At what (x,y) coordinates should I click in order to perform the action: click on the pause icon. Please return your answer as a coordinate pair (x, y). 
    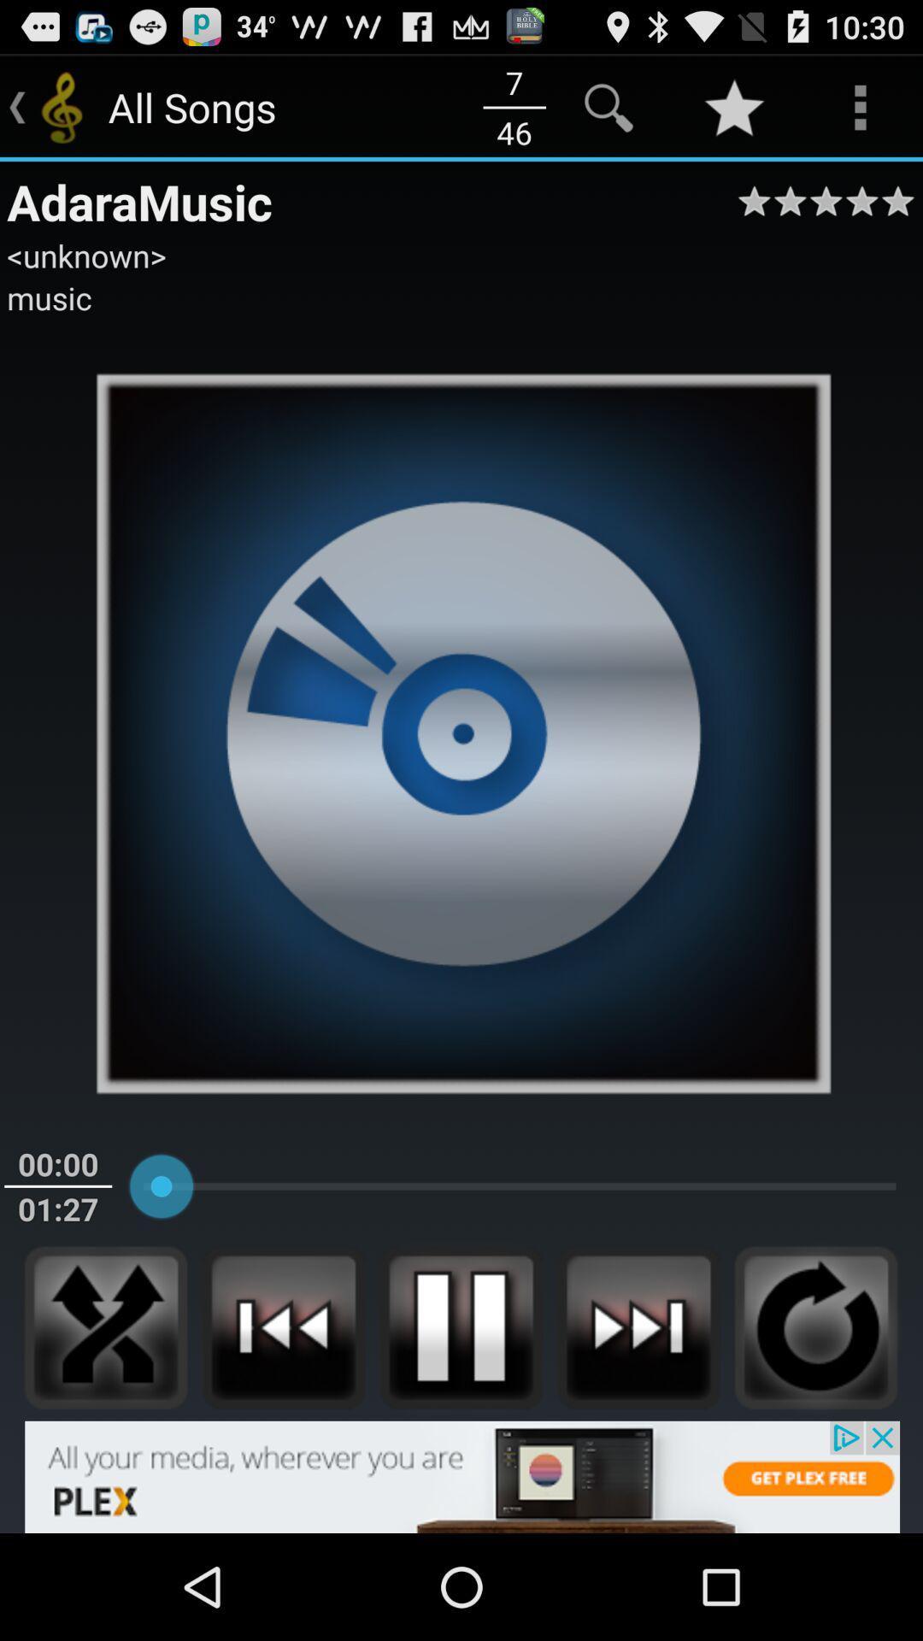
    Looking at the image, I should click on (460, 1420).